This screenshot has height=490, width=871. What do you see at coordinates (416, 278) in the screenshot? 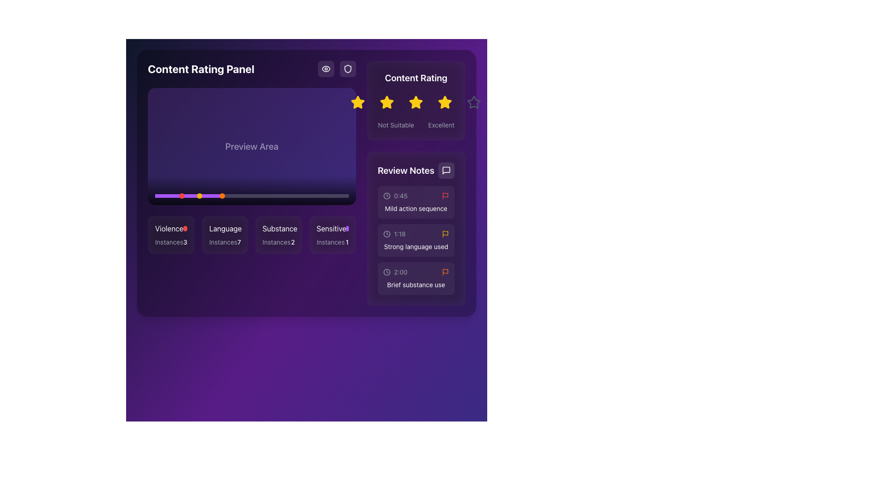
I see `the card panel item displaying the timestamp '2:00' and the text 'Brief substance use' located in the 'Review Notes' panel, which is the third item in the vertical list` at bounding box center [416, 278].